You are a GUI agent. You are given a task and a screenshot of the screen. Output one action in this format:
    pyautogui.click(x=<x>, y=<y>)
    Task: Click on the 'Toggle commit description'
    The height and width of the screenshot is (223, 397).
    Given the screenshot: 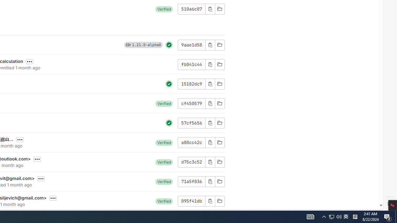 What is the action you would take?
    pyautogui.click(x=53, y=198)
    